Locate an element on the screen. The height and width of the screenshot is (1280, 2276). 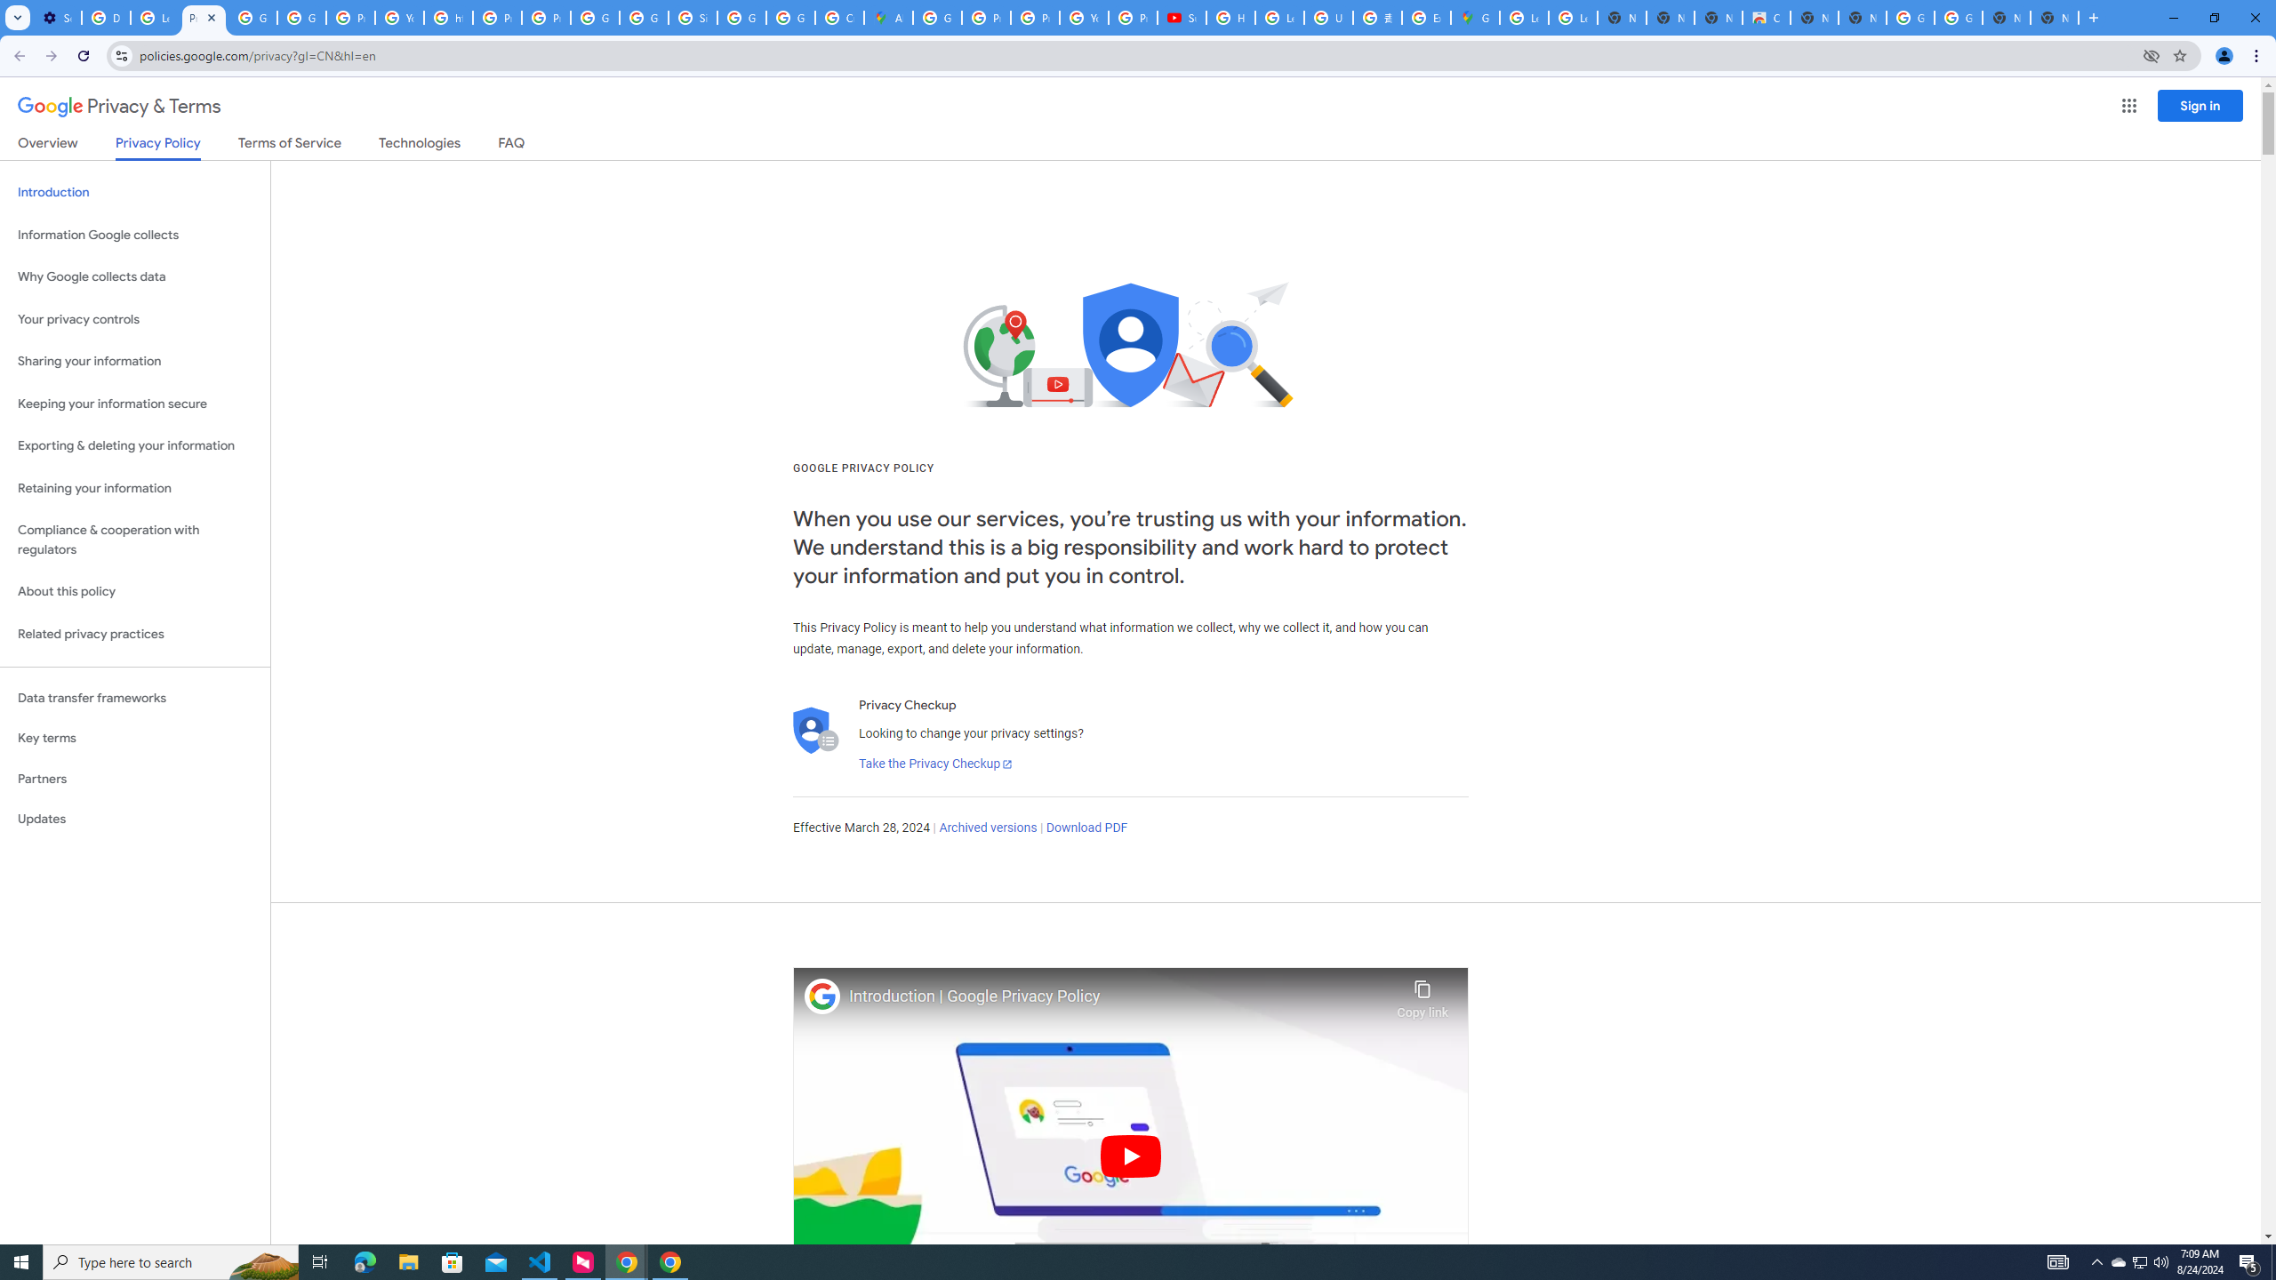
'Sharing your information' is located at coordinates (134, 360).